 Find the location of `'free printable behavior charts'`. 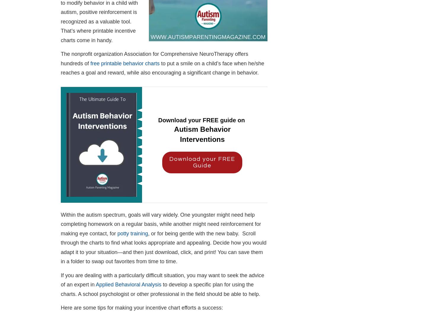

'free printable behavior charts' is located at coordinates (125, 63).